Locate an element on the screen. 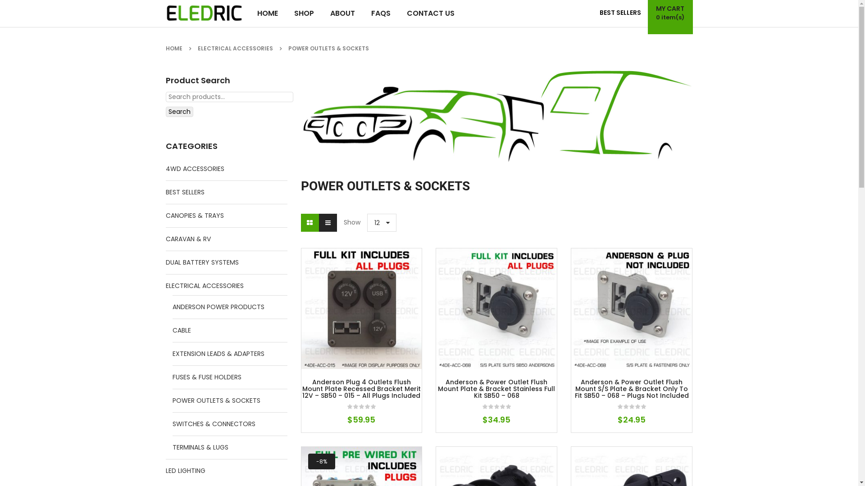 The image size is (865, 486). 'EXTENSION LEADS & ADAPTERS' is located at coordinates (172, 353).